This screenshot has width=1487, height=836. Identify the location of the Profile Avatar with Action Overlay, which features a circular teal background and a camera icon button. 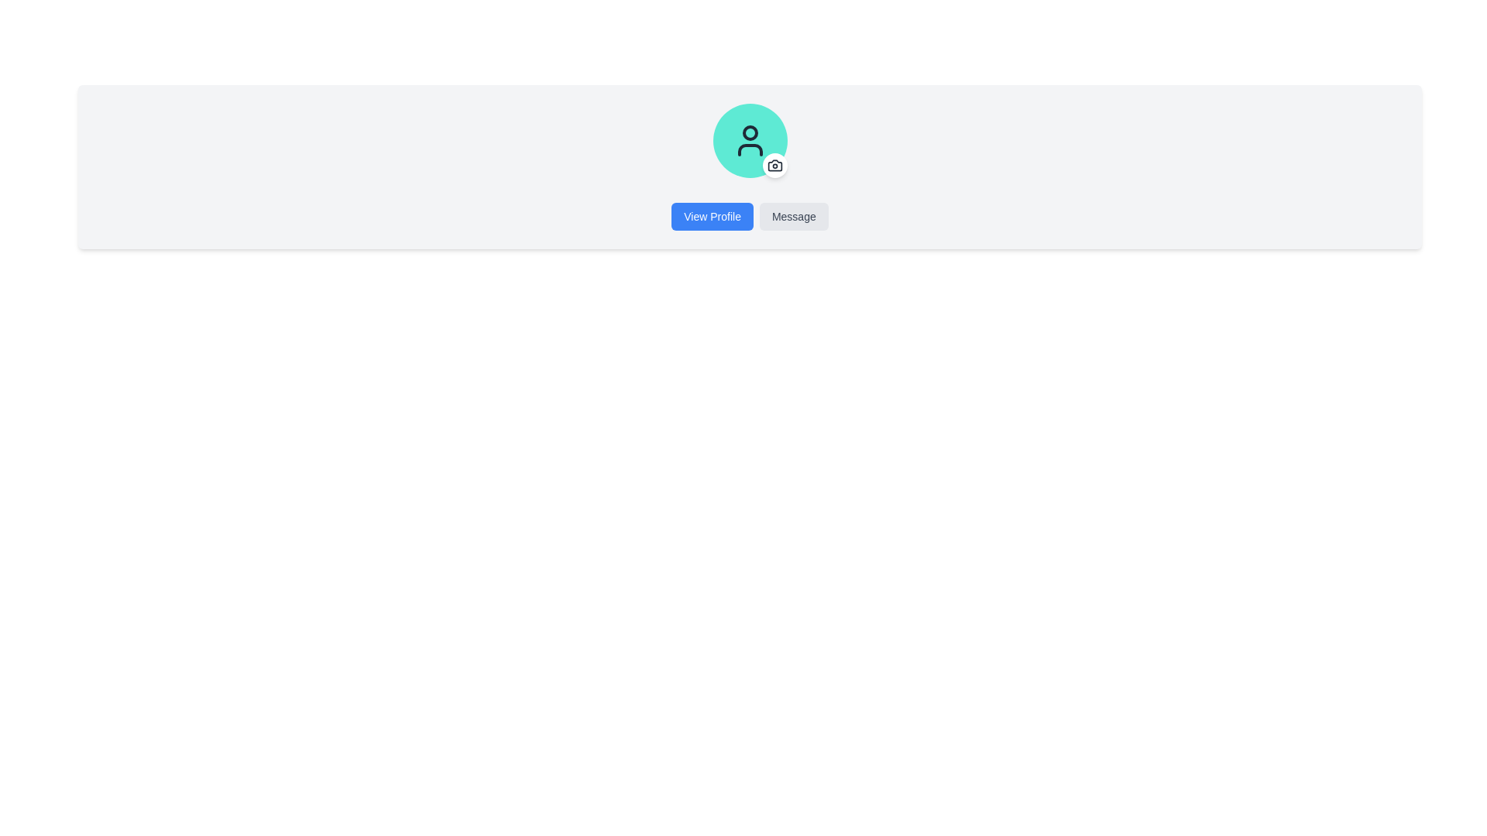
(750, 140).